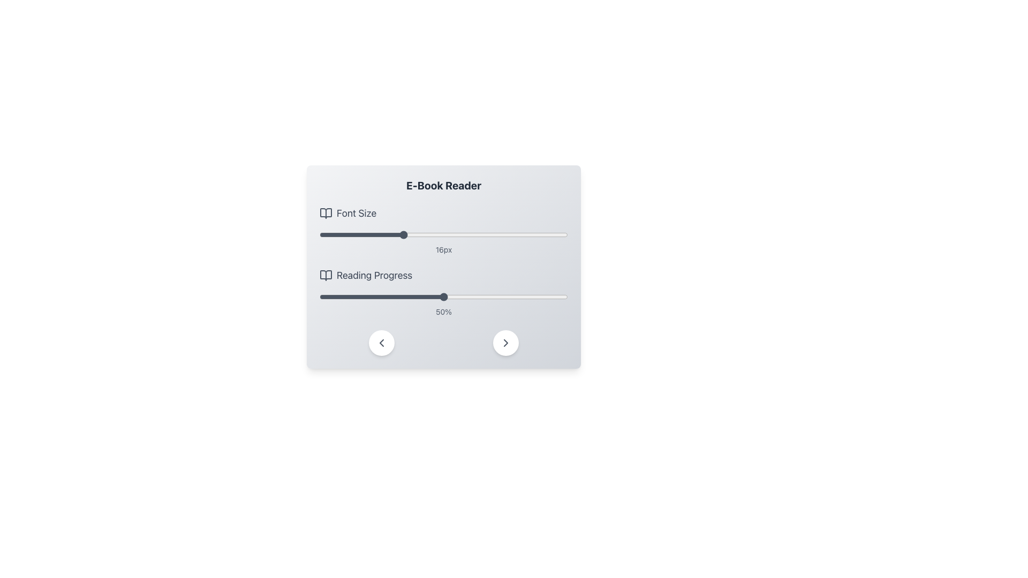 The width and height of the screenshot is (1028, 578). I want to click on the reading progress, so click(344, 297).